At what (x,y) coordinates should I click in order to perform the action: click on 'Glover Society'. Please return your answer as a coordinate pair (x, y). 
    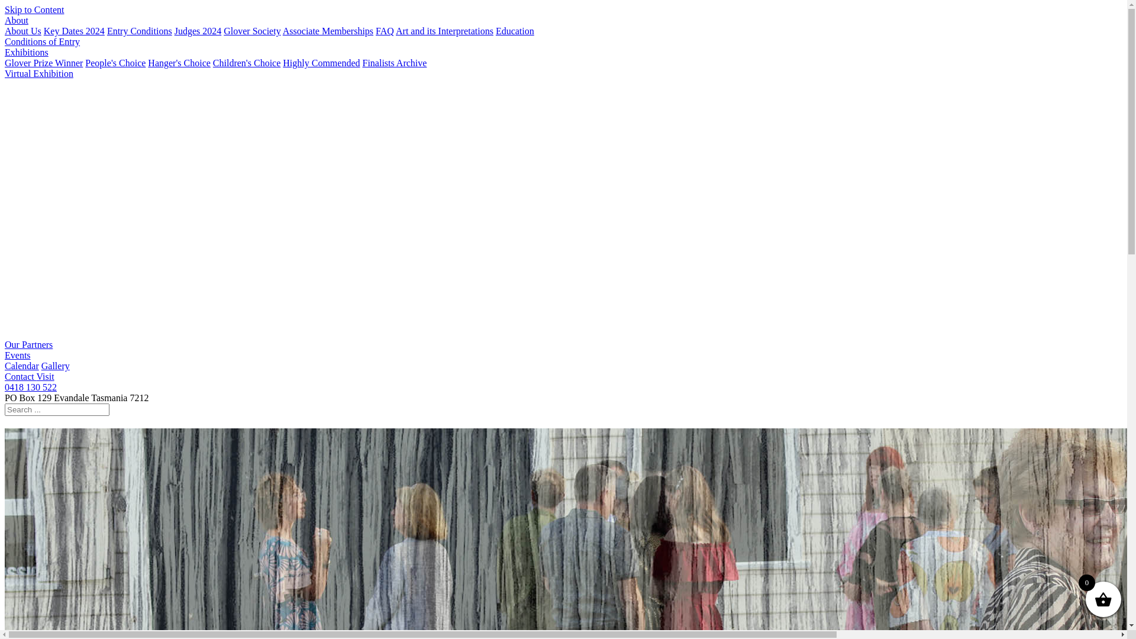
    Looking at the image, I should click on (251, 30).